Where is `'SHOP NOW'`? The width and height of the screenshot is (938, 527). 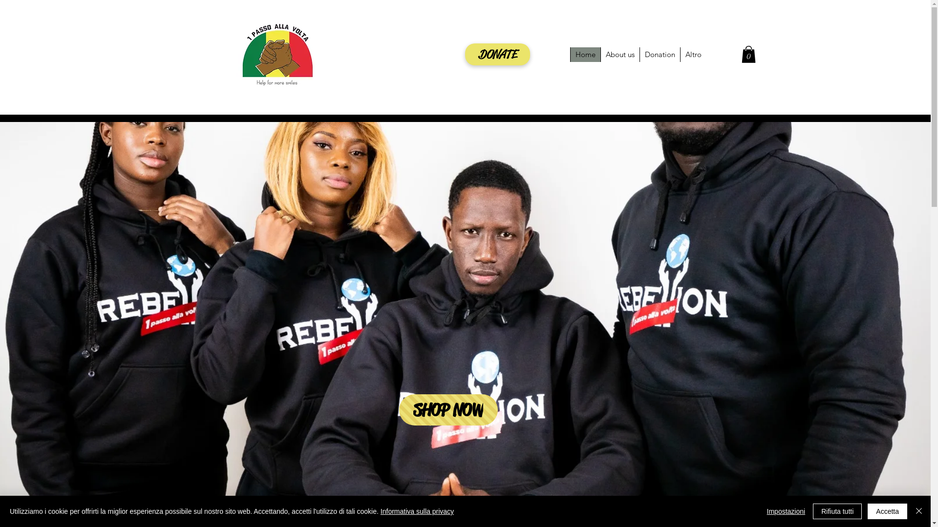 'SHOP NOW' is located at coordinates (447, 410).